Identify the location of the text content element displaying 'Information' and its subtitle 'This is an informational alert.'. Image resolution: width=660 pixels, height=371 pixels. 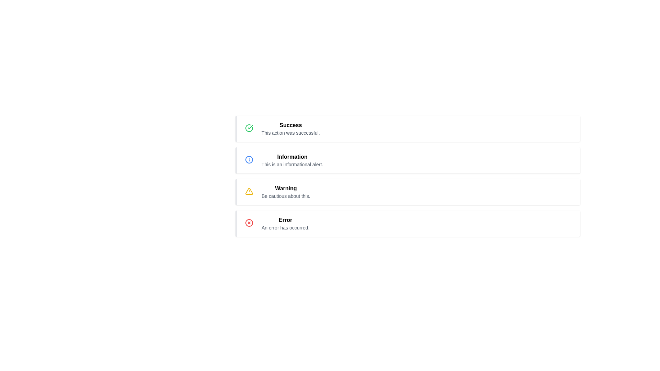
(292, 160).